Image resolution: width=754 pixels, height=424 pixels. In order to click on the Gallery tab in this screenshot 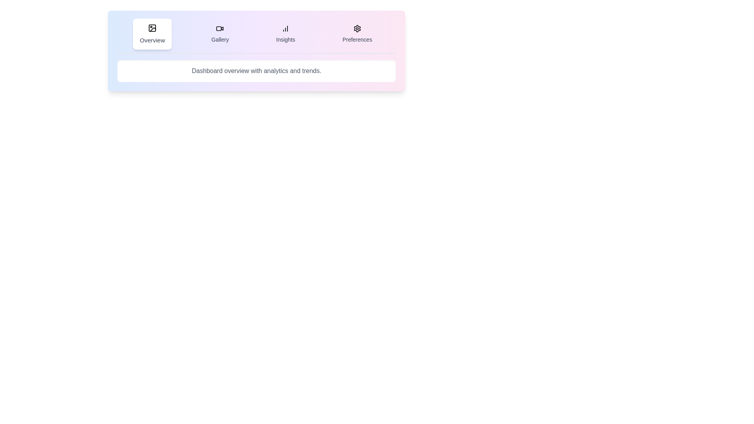, I will do `click(220, 34)`.